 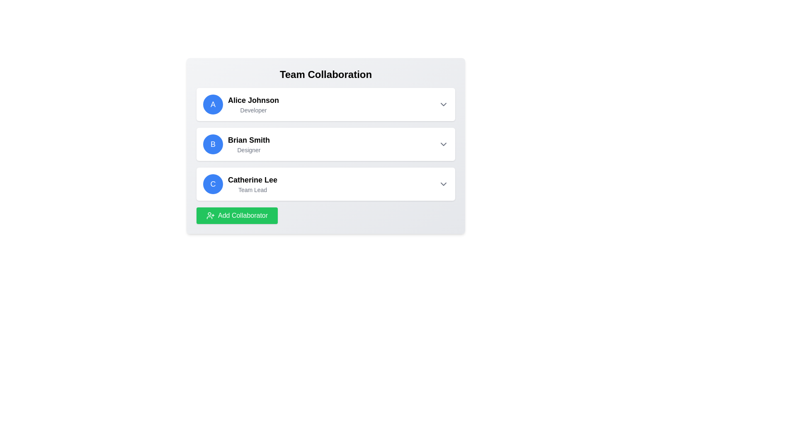 I want to click on text label showing the name 'Brian Smith', which is centrally located in the second row of a list, below 'Alice Johnson' and above 'Catherine Lee', and to the right of a circular blue icon with 'B', so click(x=248, y=140).